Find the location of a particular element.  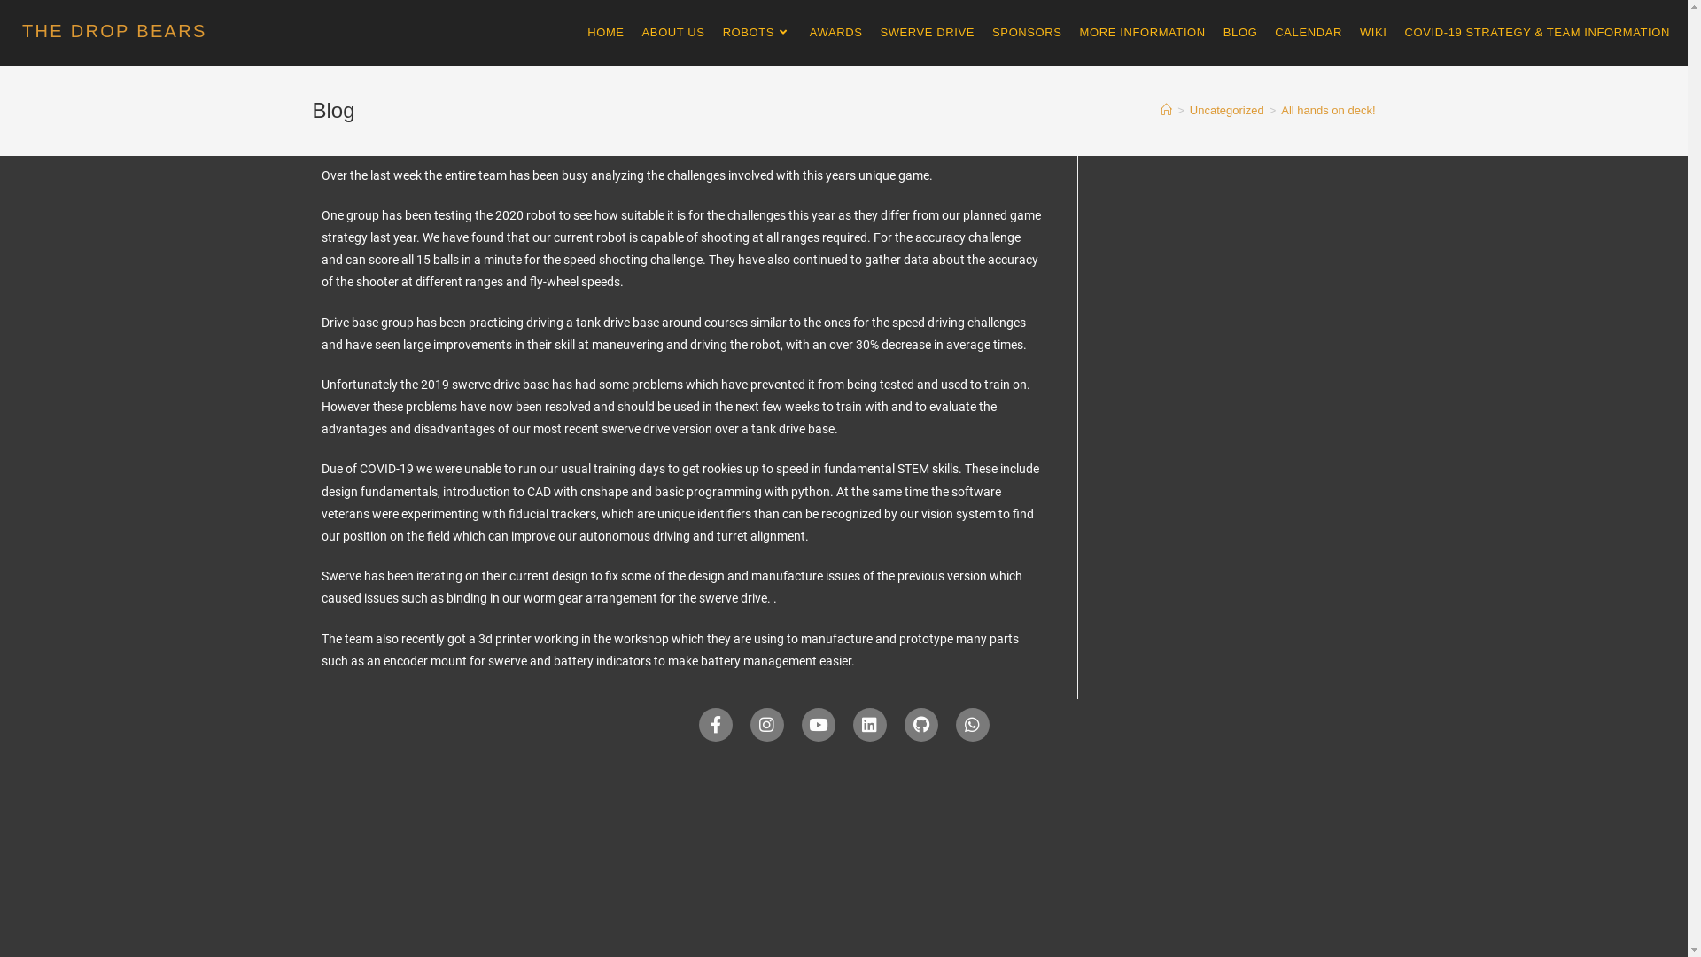

'ABOUT US' is located at coordinates (633, 33).